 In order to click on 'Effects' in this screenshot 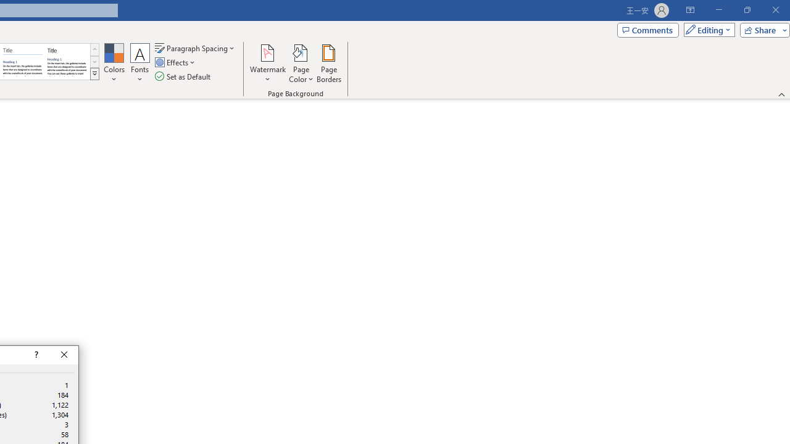, I will do `click(175, 62)`.